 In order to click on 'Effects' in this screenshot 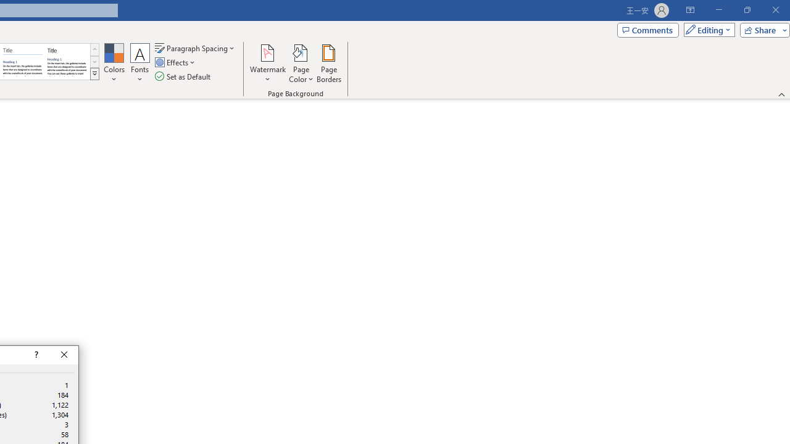, I will do `click(175, 62)`.